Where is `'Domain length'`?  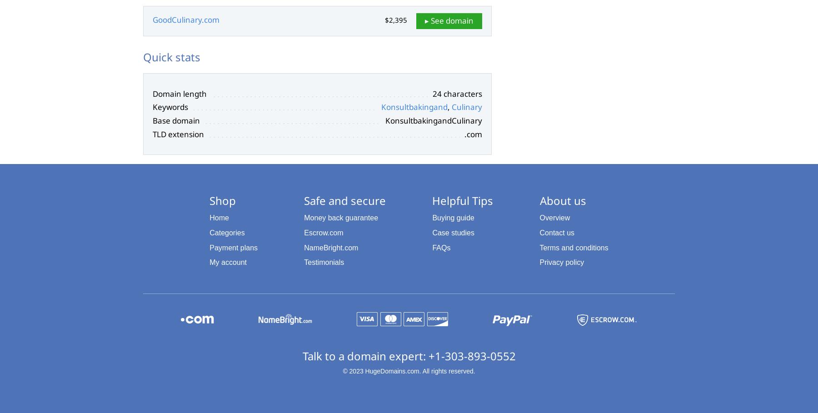 'Domain length' is located at coordinates (152, 93).